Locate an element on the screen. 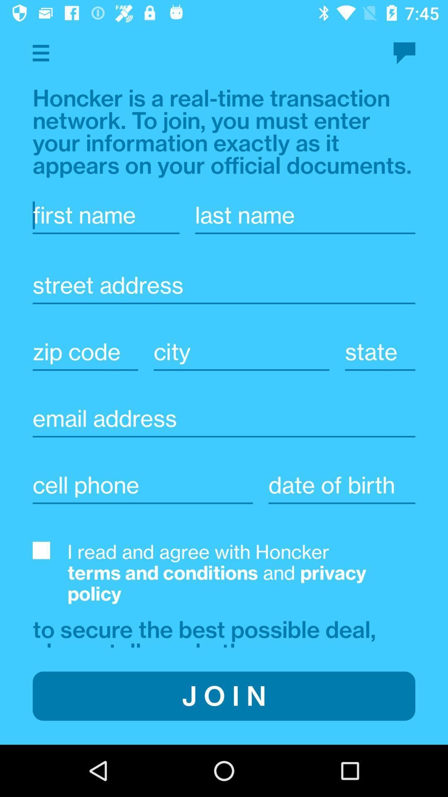 This screenshot has height=797, width=448. the text above first name is located at coordinates (224, 131).